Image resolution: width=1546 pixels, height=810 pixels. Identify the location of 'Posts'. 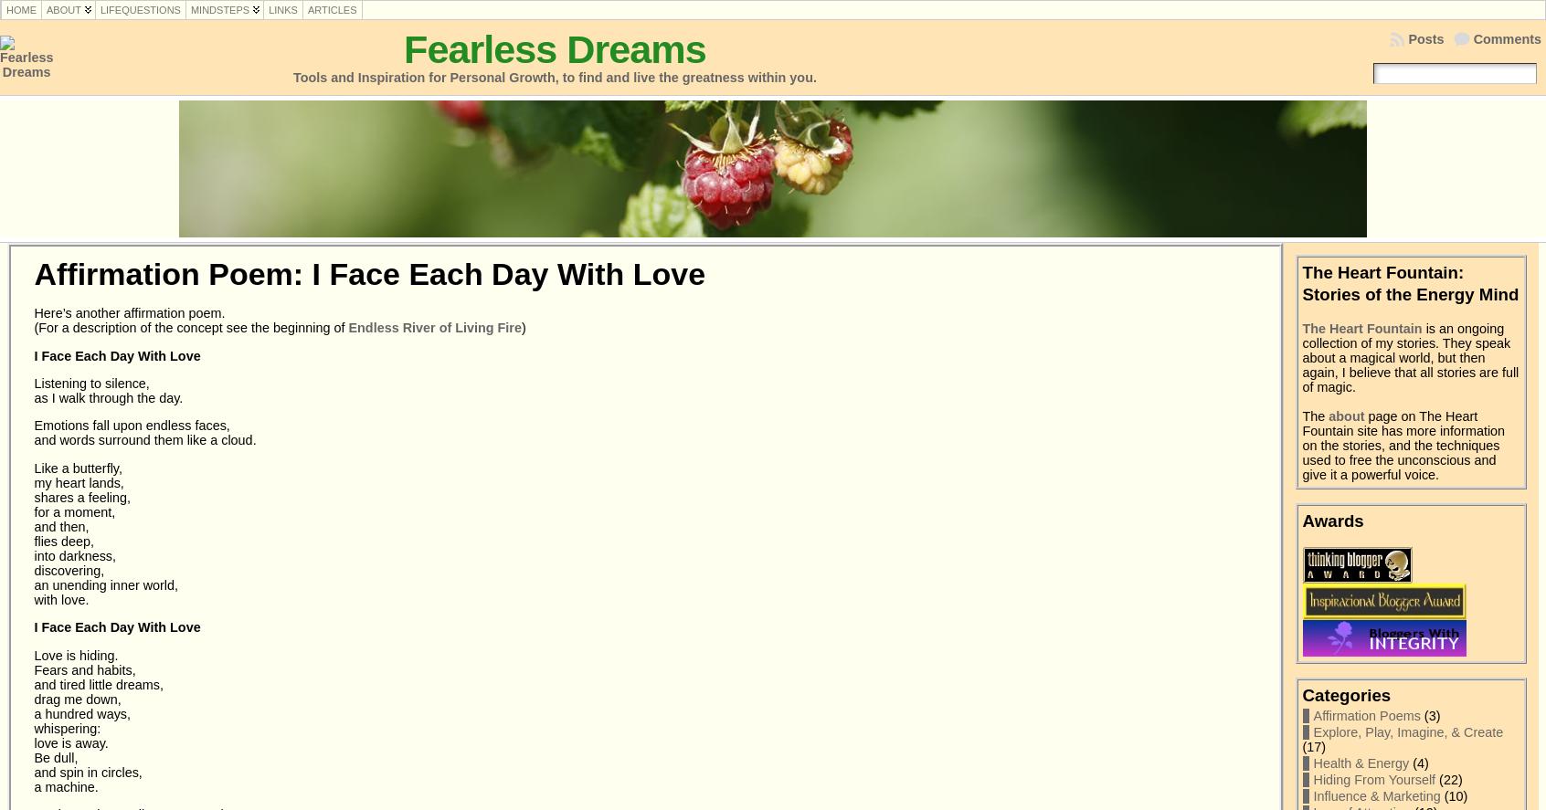
(1424, 39).